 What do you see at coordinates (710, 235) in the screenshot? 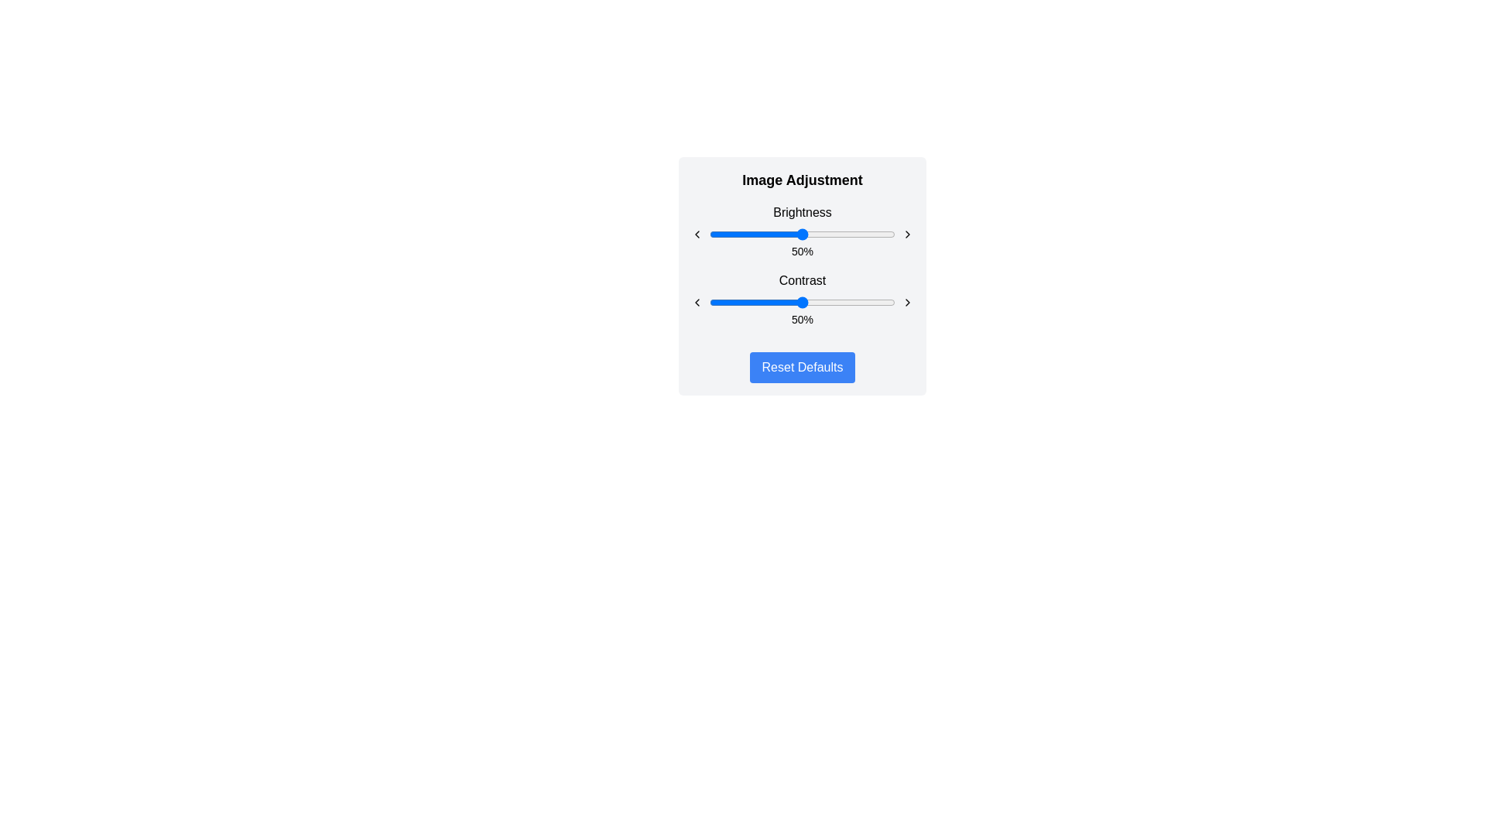
I see `brightness` at bounding box center [710, 235].